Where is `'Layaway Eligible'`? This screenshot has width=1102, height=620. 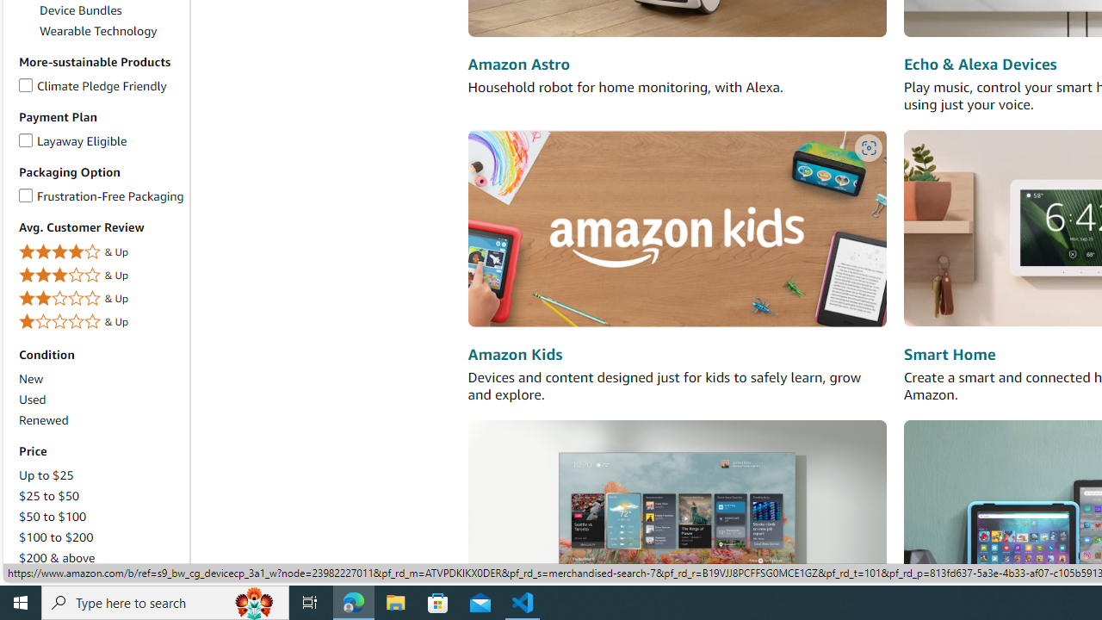 'Layaway Eligible' is located at coordinates (26, 136).